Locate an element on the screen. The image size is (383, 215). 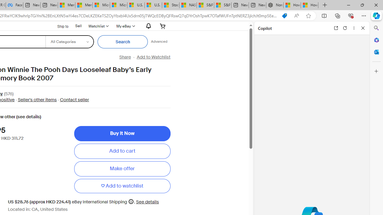
'Customize' is located at coordinates (376, 71).